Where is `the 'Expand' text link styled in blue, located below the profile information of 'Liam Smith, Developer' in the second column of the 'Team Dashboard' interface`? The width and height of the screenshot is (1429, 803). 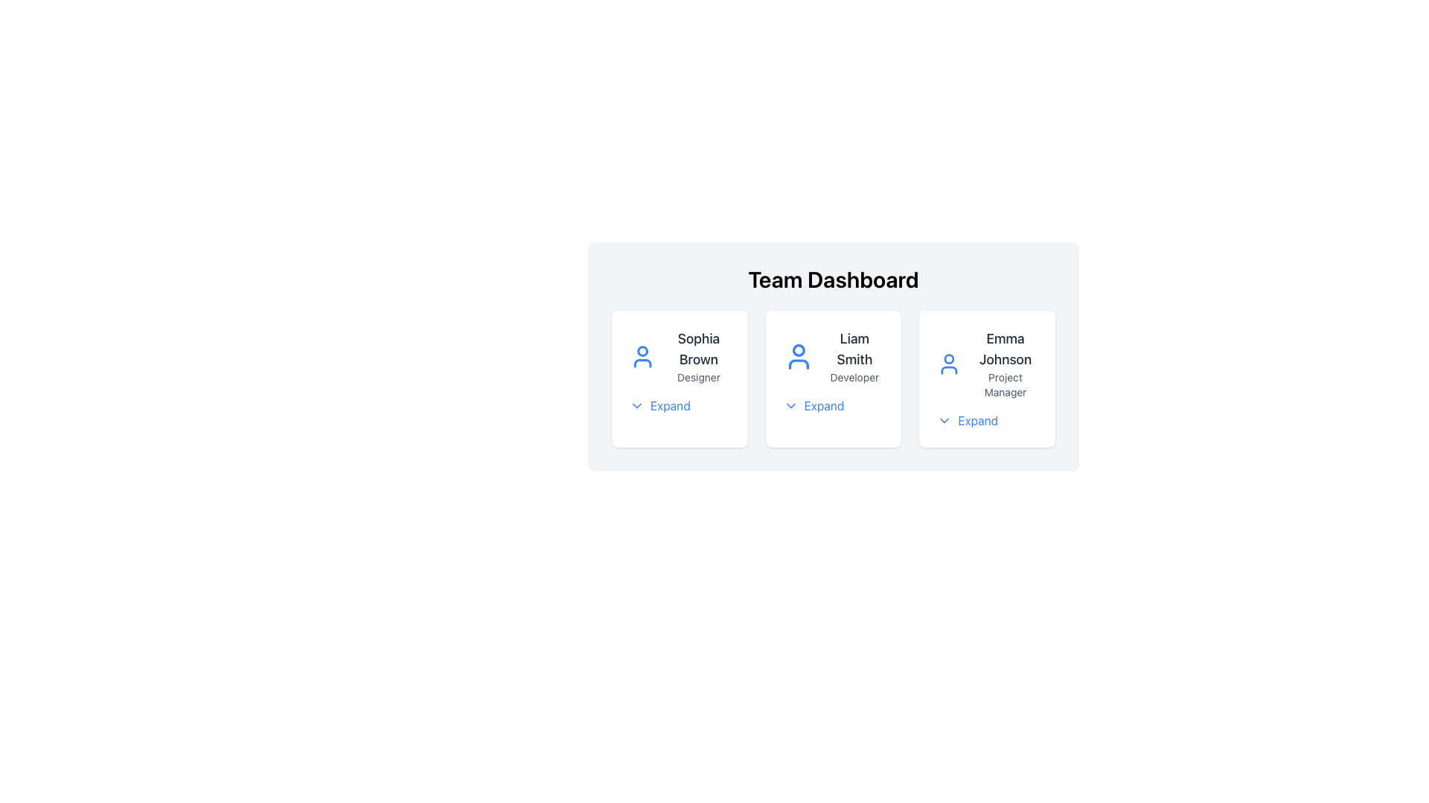
the 'Expand' text link styled in blue, located below the profile information of 'Liam Smith, Developer' in the second column of the 'Team Dashboard' interface is located at coordinates (823, 406).